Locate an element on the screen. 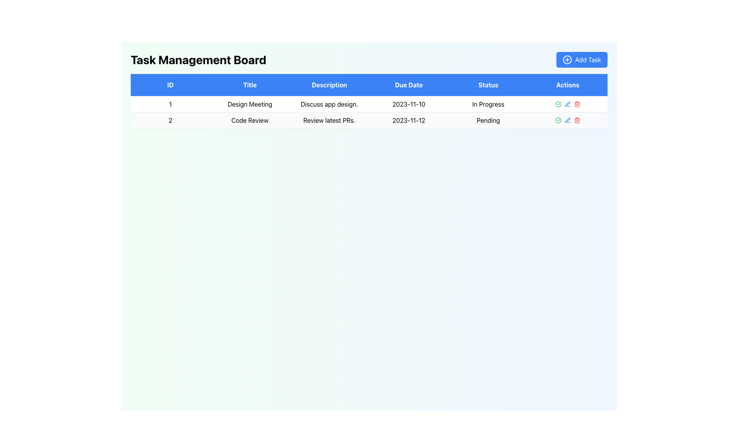 The image size is (756, 425). the text label 'Description' which is the third column header in the table, styled in white on a blue background, located near the top of the layout is located at coordinates (329, 85).